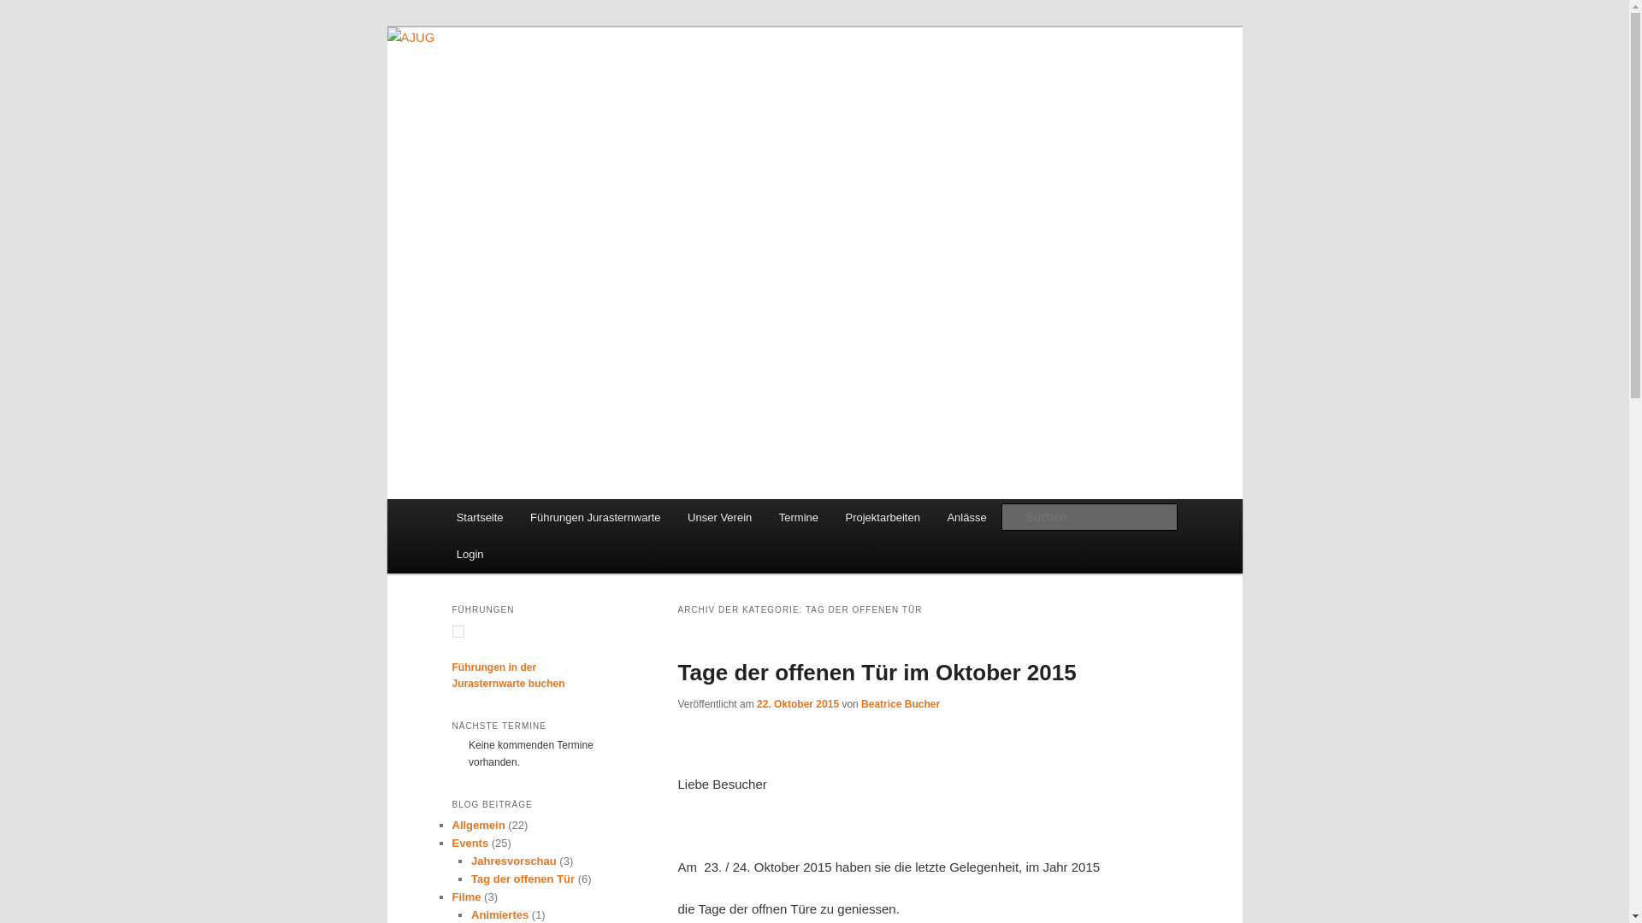 The width and height of the screenshot is (1642, 923). What do you see at coordinates (452, 896) in the screenshot?
I see `'Filme'` at bounding box center [452, 896].